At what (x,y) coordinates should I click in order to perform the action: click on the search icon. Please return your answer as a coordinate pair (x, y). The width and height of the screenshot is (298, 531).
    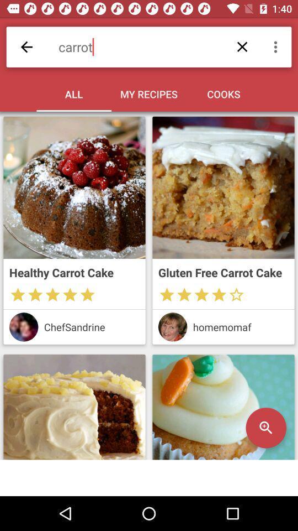
    Looking at the image, I should click on (265, 427).